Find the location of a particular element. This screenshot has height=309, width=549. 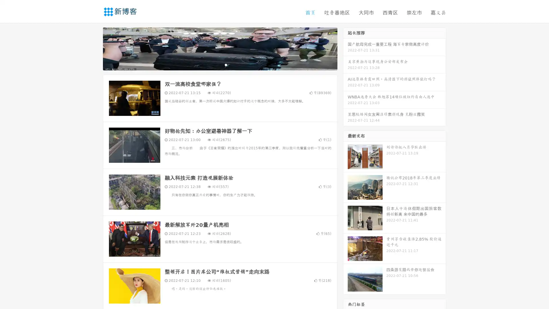

Go to slide 2 is located at coordinates (220, 64).